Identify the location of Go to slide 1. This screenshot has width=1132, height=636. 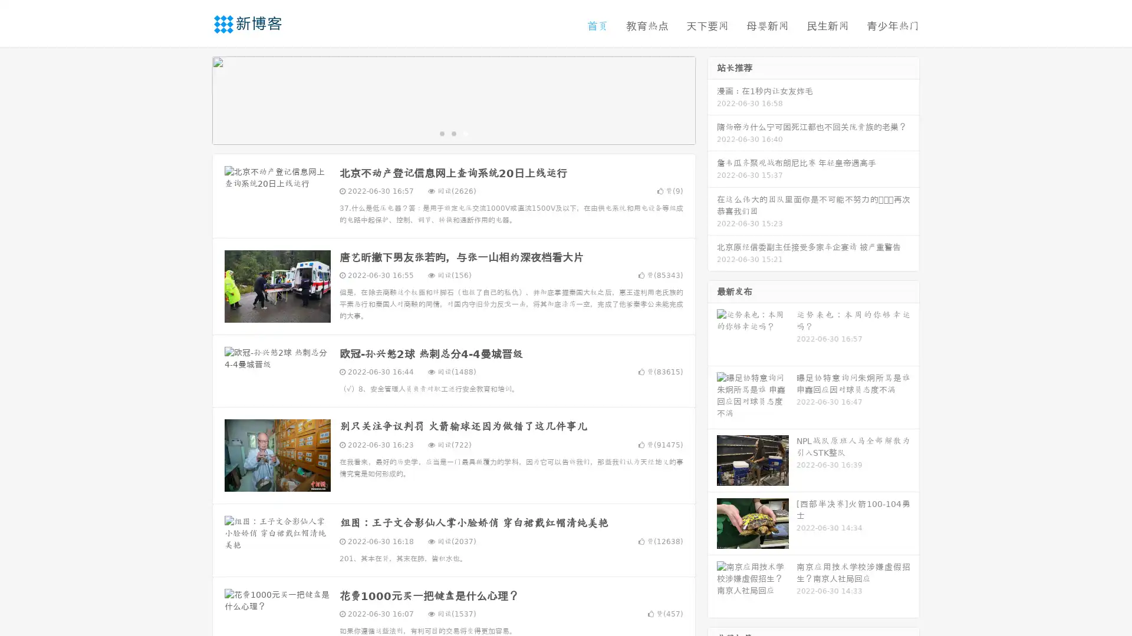
(441, 132).